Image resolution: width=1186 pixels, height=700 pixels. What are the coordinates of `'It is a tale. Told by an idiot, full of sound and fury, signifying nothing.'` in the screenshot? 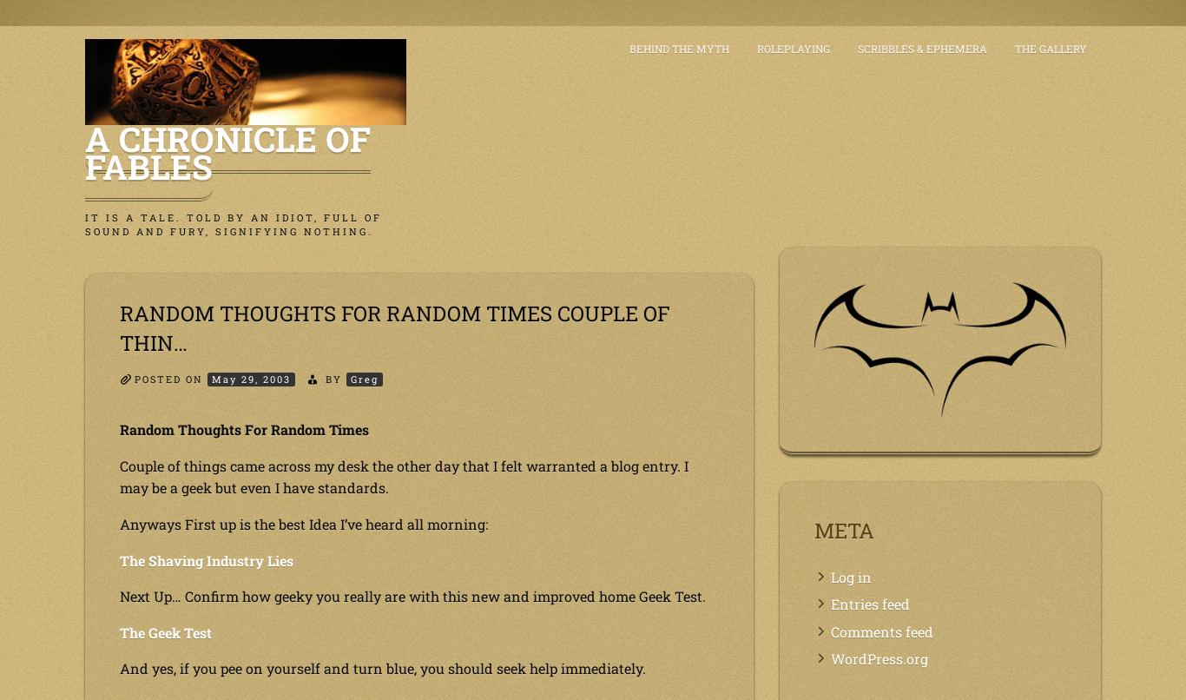 It's located at (84, 222).